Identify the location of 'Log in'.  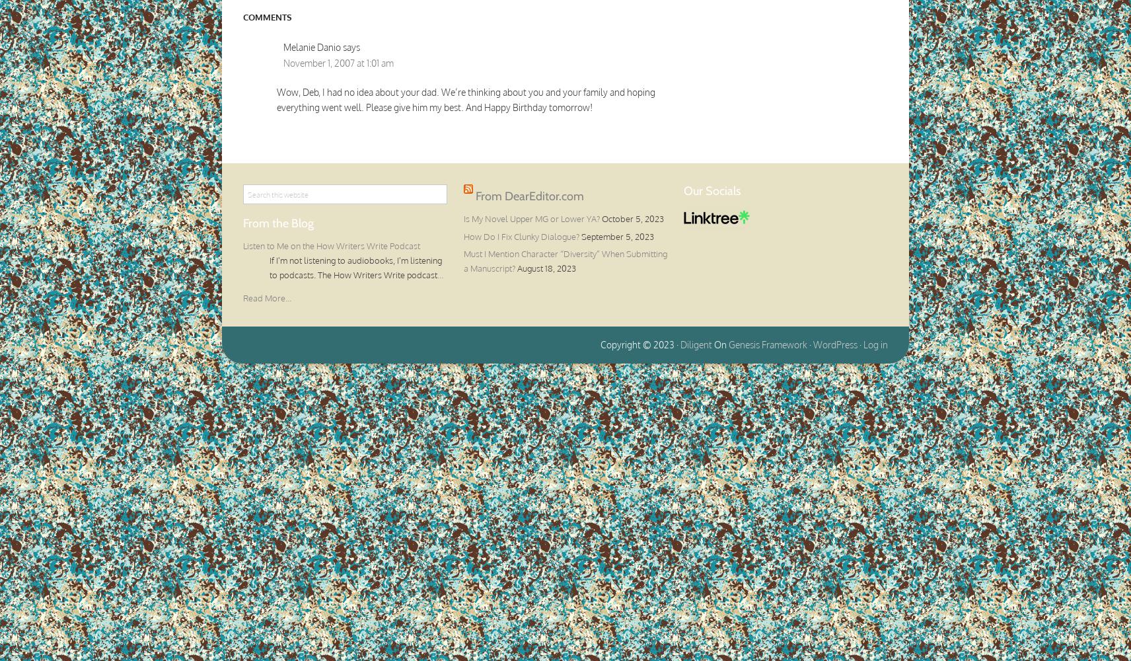
(875, 344).